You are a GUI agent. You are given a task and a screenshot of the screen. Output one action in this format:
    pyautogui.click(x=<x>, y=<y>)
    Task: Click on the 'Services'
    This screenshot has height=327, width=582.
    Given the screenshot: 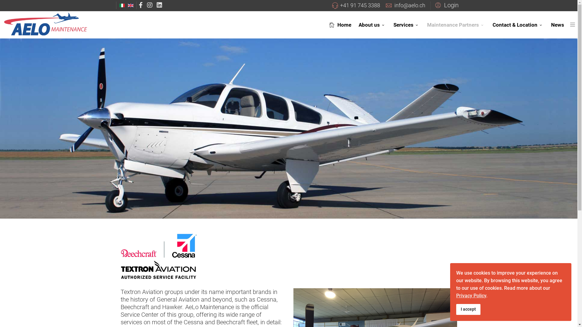 What is the action you would take?
    pyautogui.click(x=390, y=24)
    